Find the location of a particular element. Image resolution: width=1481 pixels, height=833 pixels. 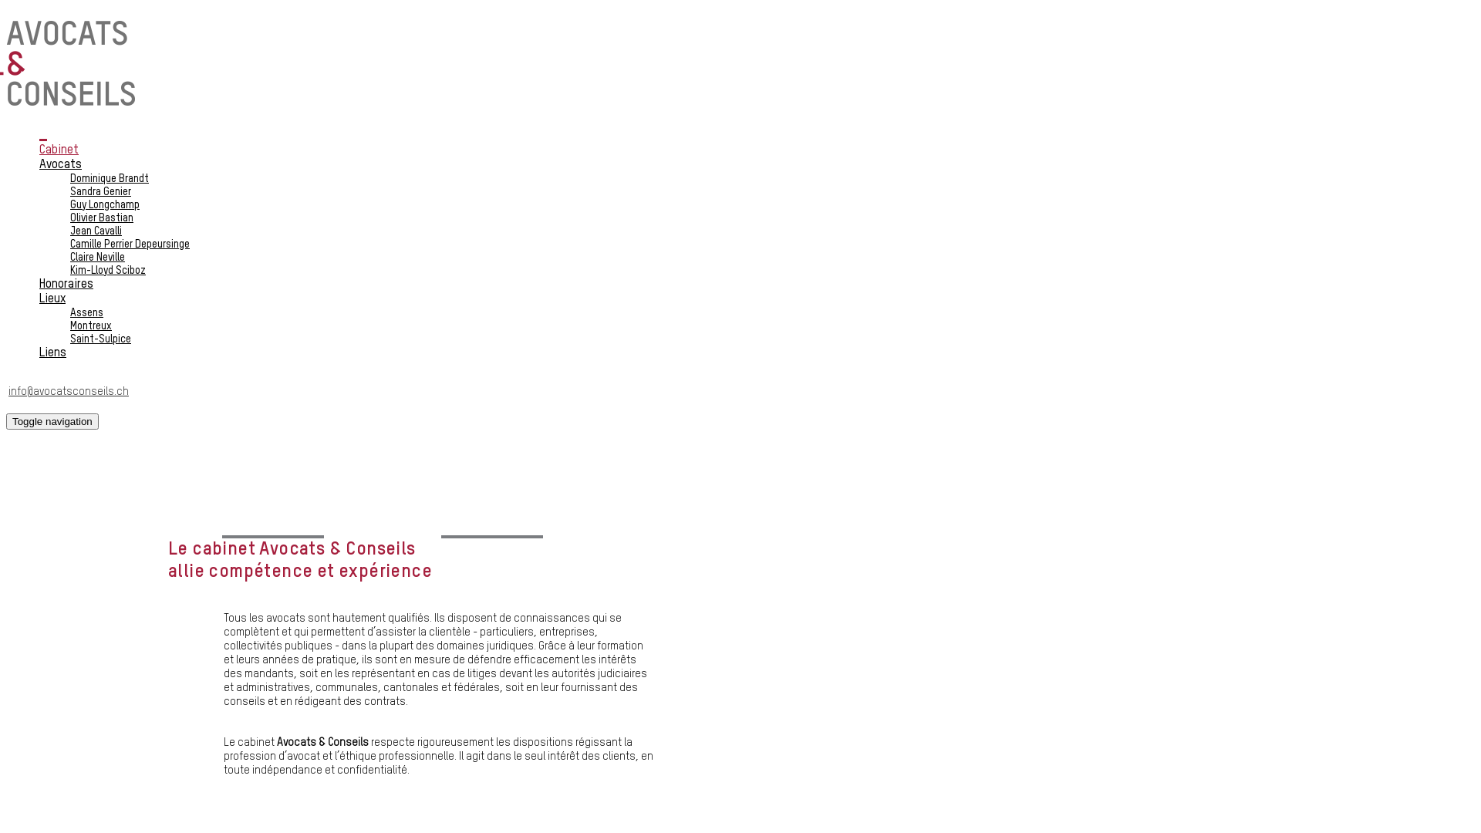

'Guy Longchamp' is located at coordinates (103, 204).